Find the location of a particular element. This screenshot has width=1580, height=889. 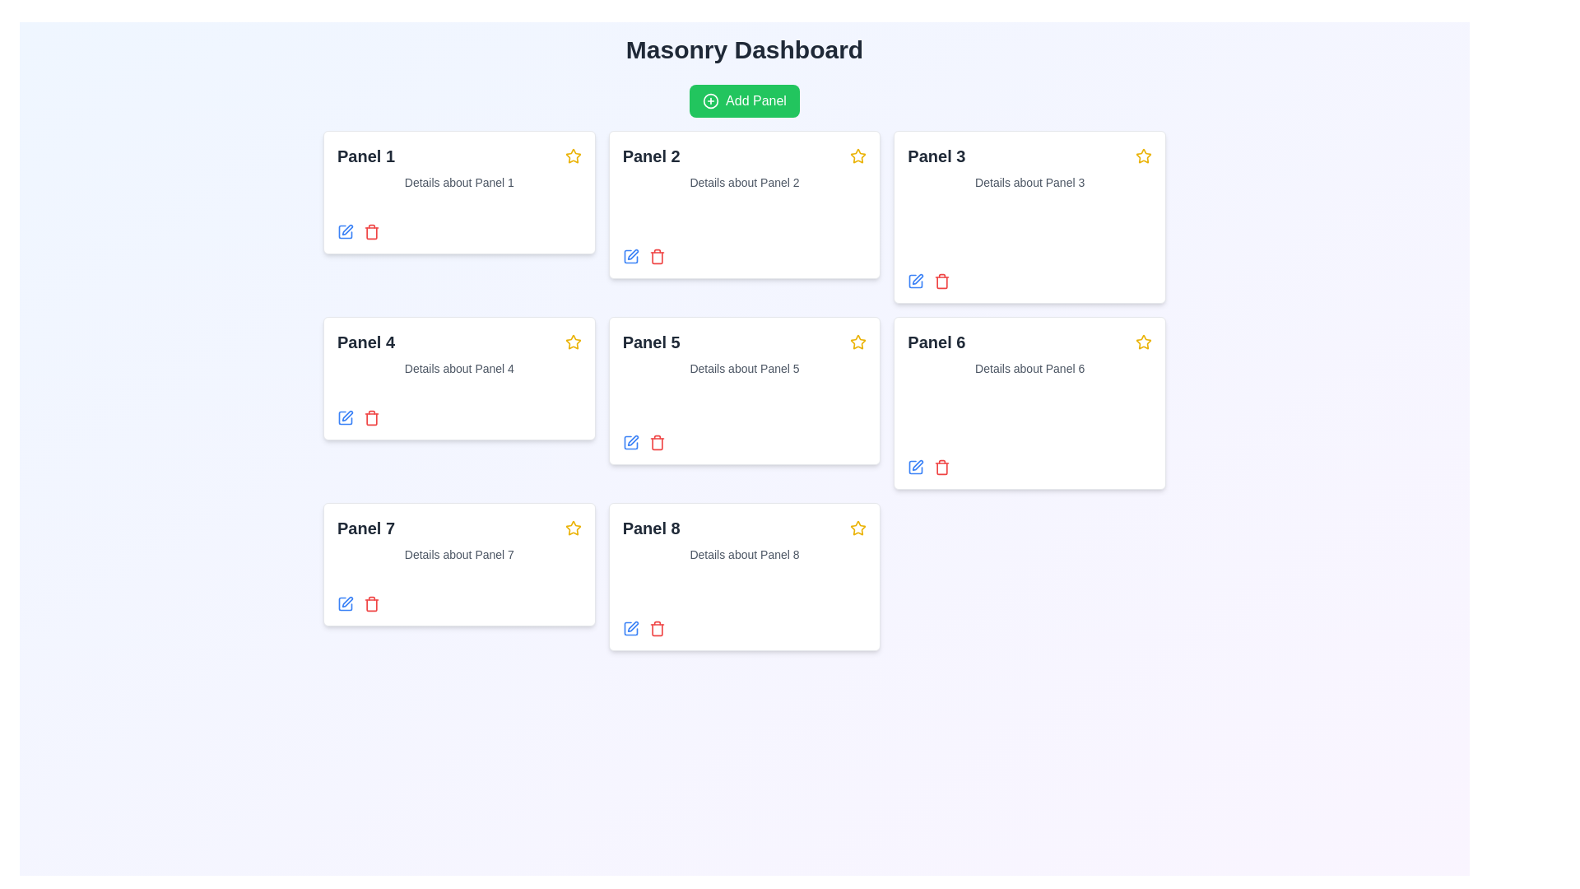

the text label that says 'Details about Panel 4', which is styled in a small, gray font and positioned in the lower section of 'Panel 4' is located at coordinates (459, 367).